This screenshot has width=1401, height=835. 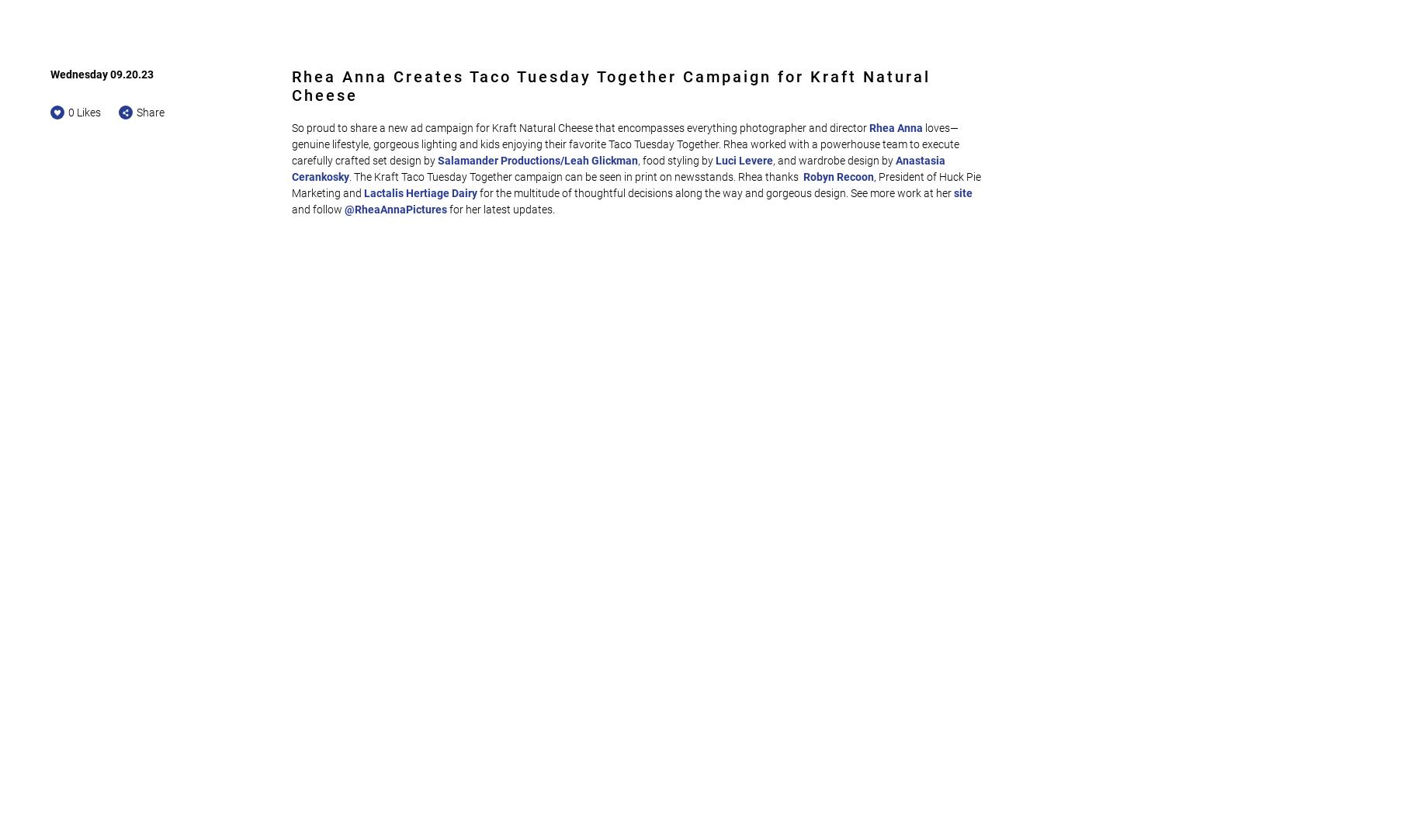 What do you see at coordinates (962, 192) in the screenshot?
I see `'site'` at bounding box center [962, 192].